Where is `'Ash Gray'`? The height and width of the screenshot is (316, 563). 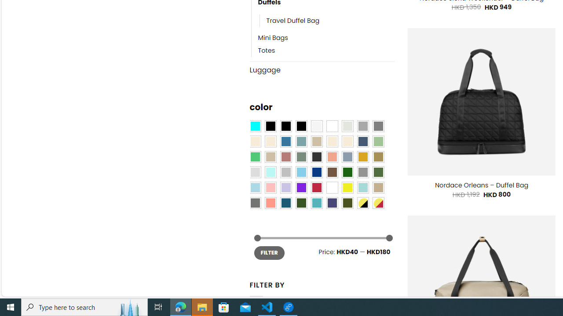
'Ash Gray' is located at coordinates (347, 126).